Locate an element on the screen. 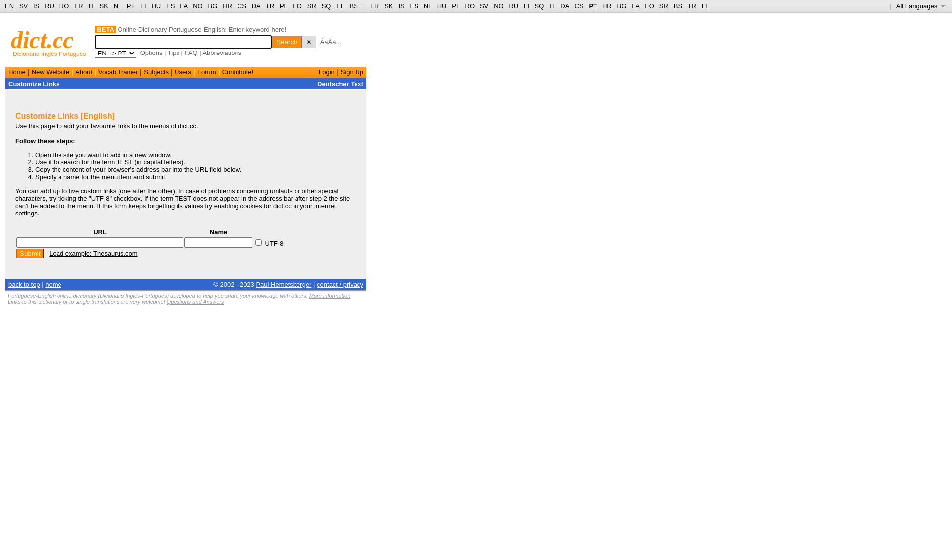 The image size is (952, 535). 'BG' is located at coordinates (621, 6).